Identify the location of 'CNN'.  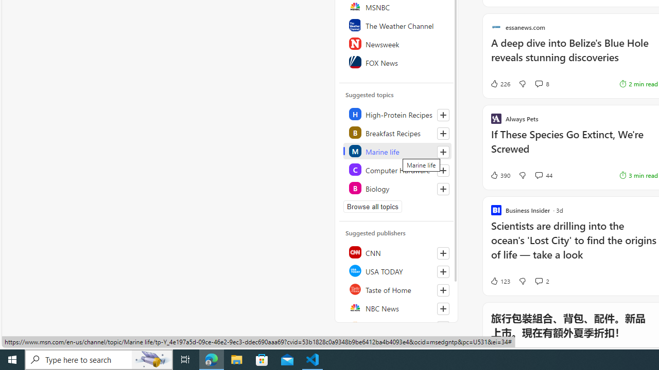
(396, 252).